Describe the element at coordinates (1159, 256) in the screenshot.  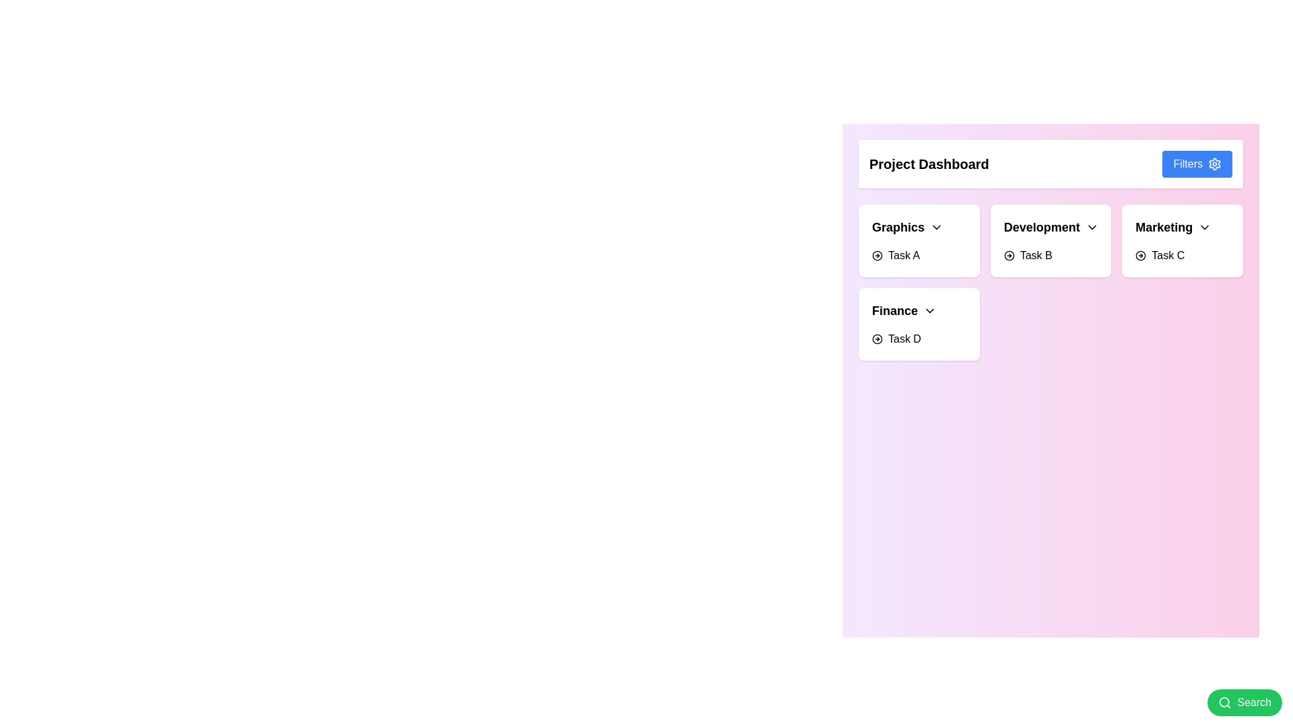
I see `the 'Task C' text label with icon located in the 'Marketing' category card for further interaction` at that location.